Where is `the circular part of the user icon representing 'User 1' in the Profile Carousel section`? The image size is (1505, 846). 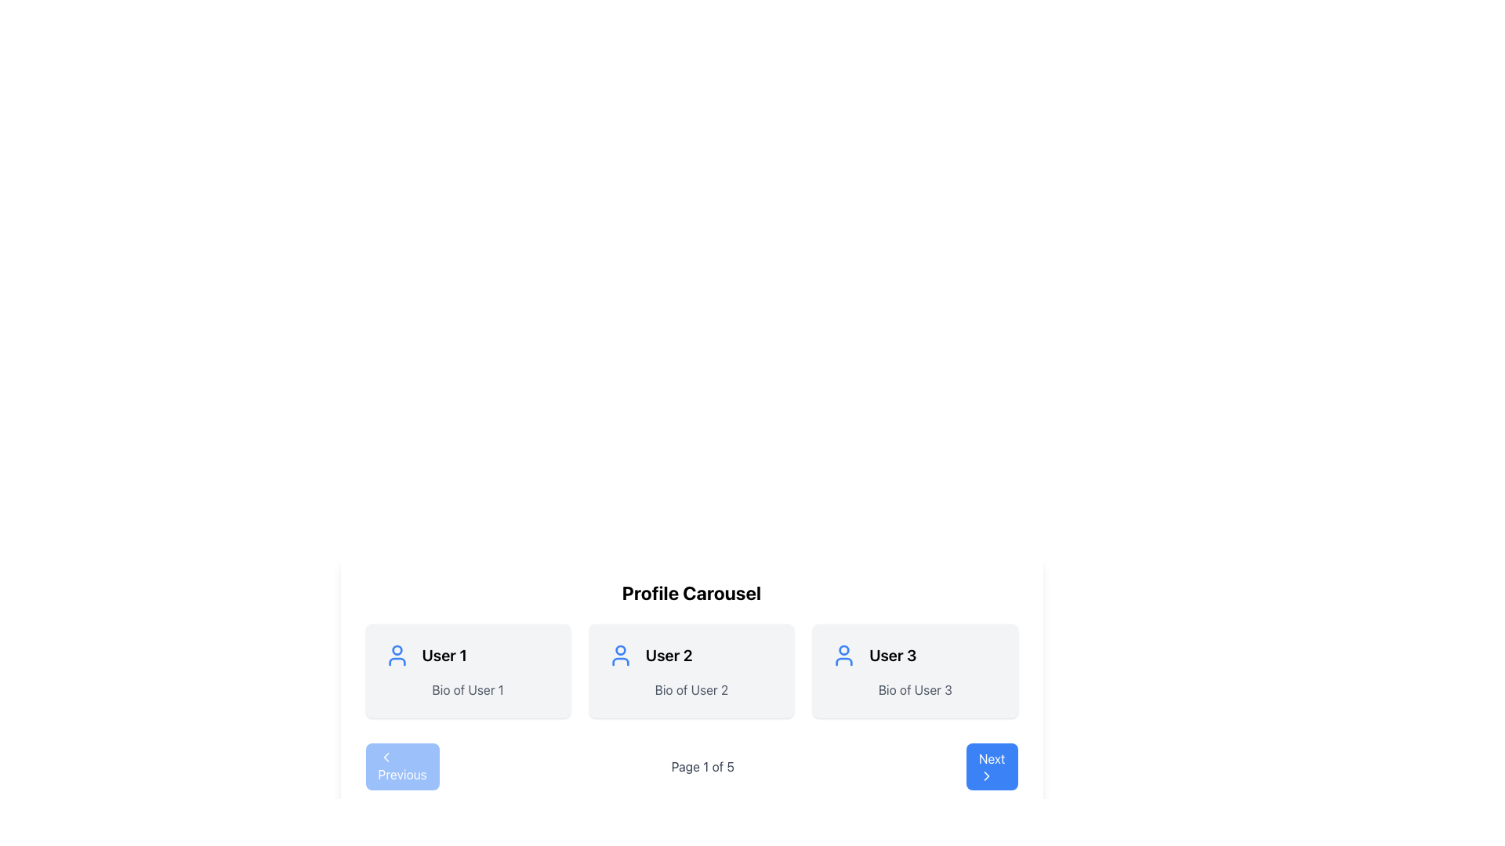 the circular part of the user icon representing 'User 1' in the Profile Carousel section is located at coordinates (397, 650).